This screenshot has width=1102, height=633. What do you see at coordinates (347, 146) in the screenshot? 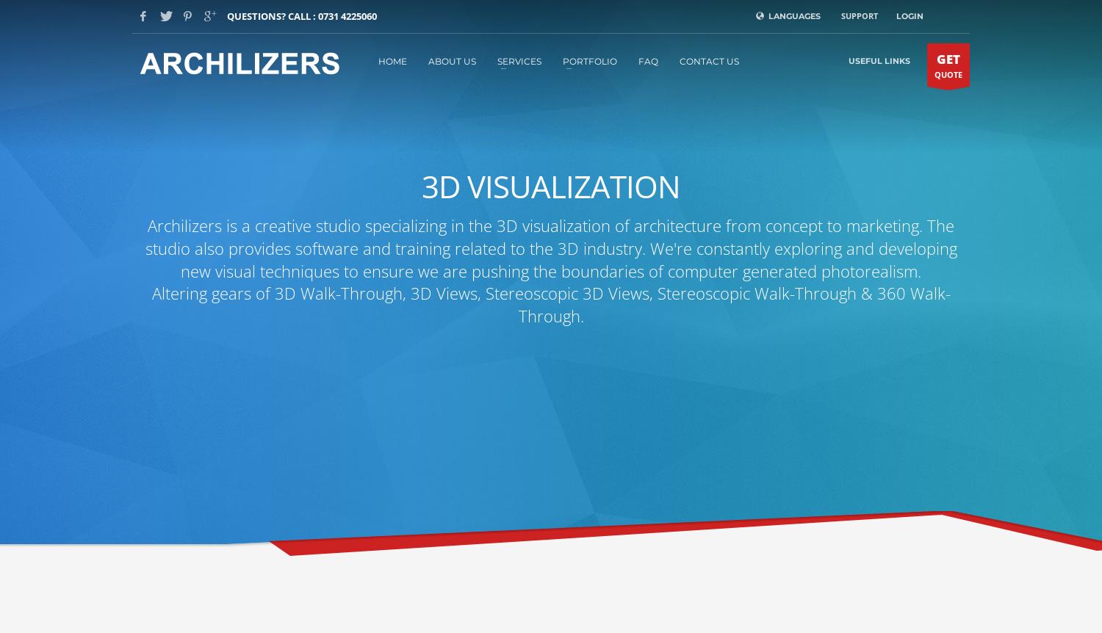
I see `'info@archilizers.com'` at bounding box center [347, 146].